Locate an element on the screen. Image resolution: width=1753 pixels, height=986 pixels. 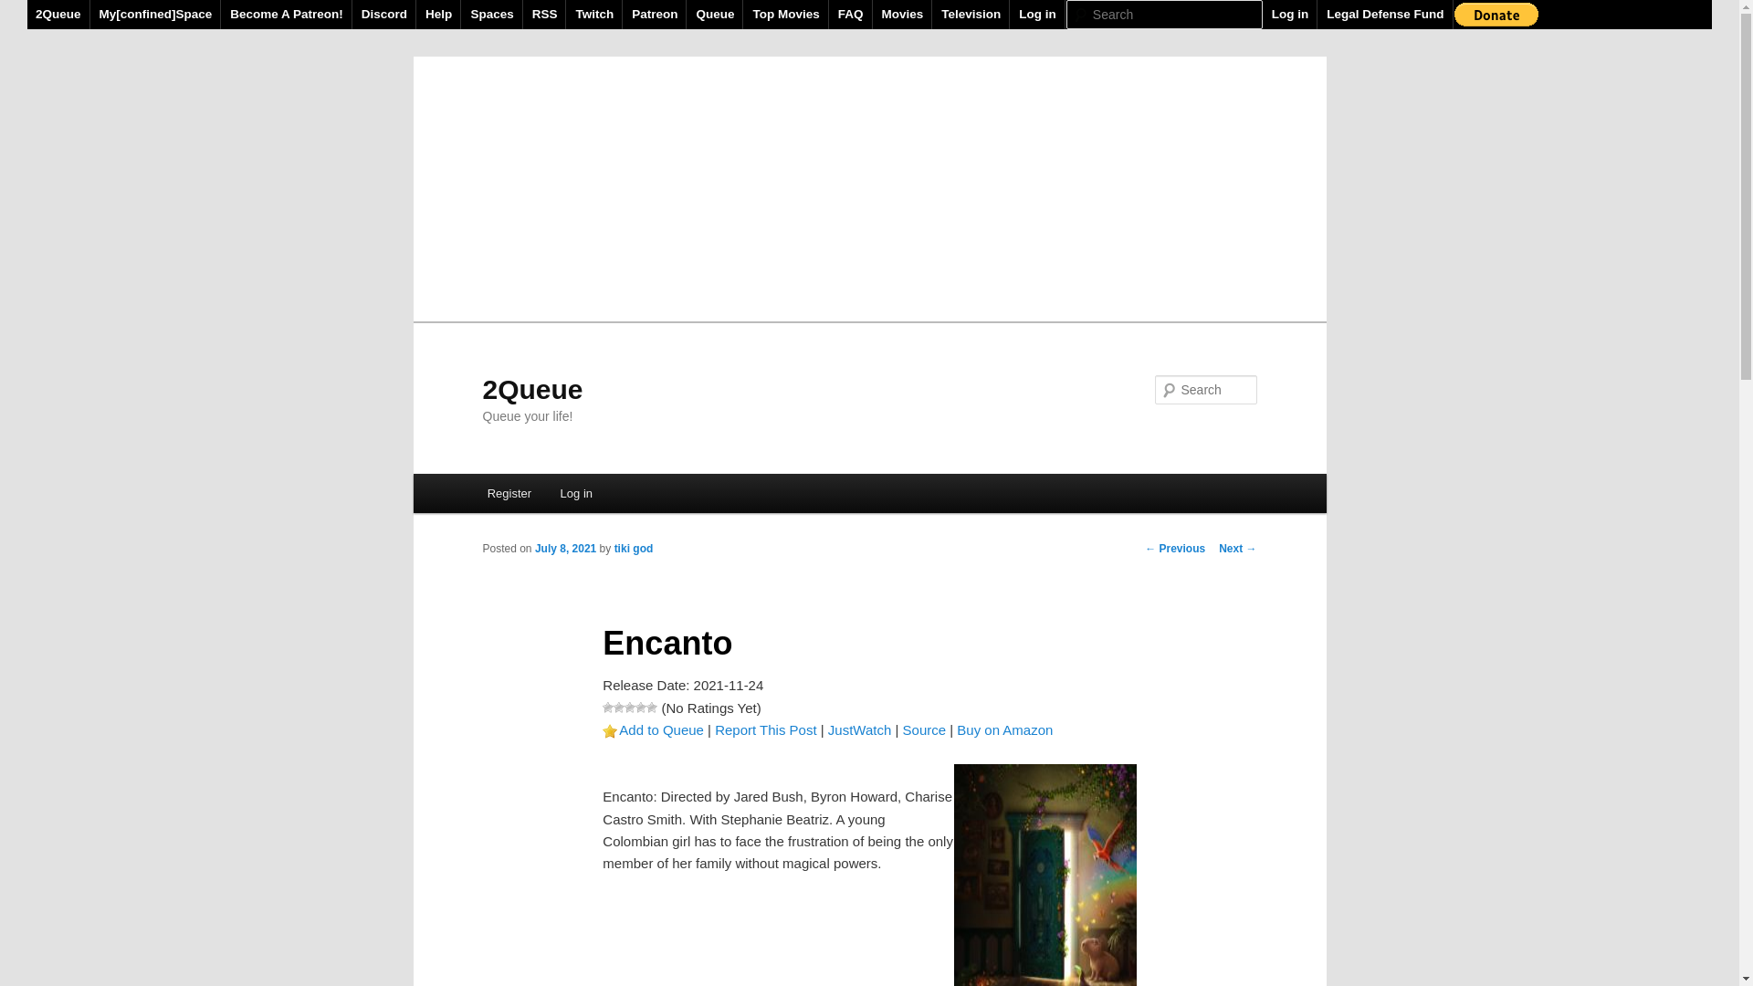
'Search' is located at coordinates (0, 10).